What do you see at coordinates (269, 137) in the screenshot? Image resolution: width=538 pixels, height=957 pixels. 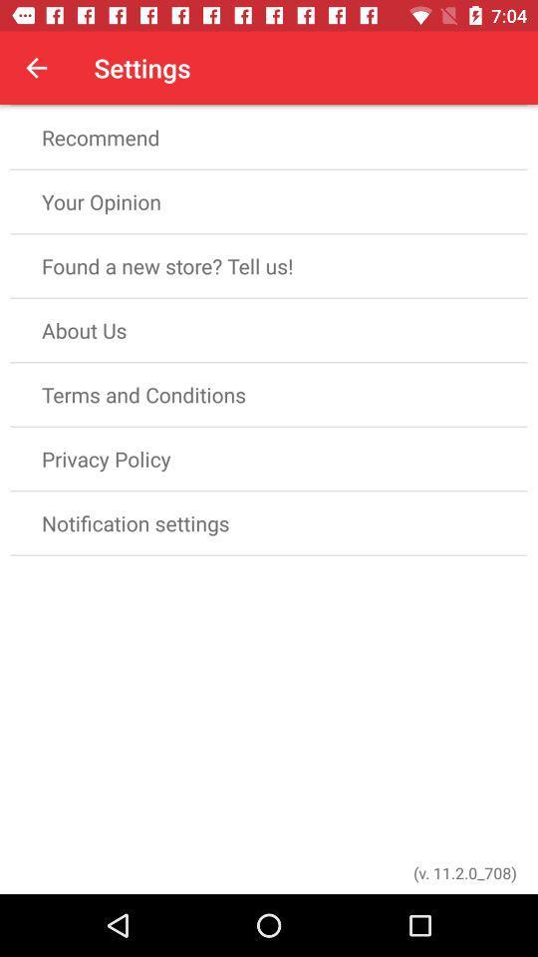 I see `the item below rate app item` at bounding box center [269, 137].